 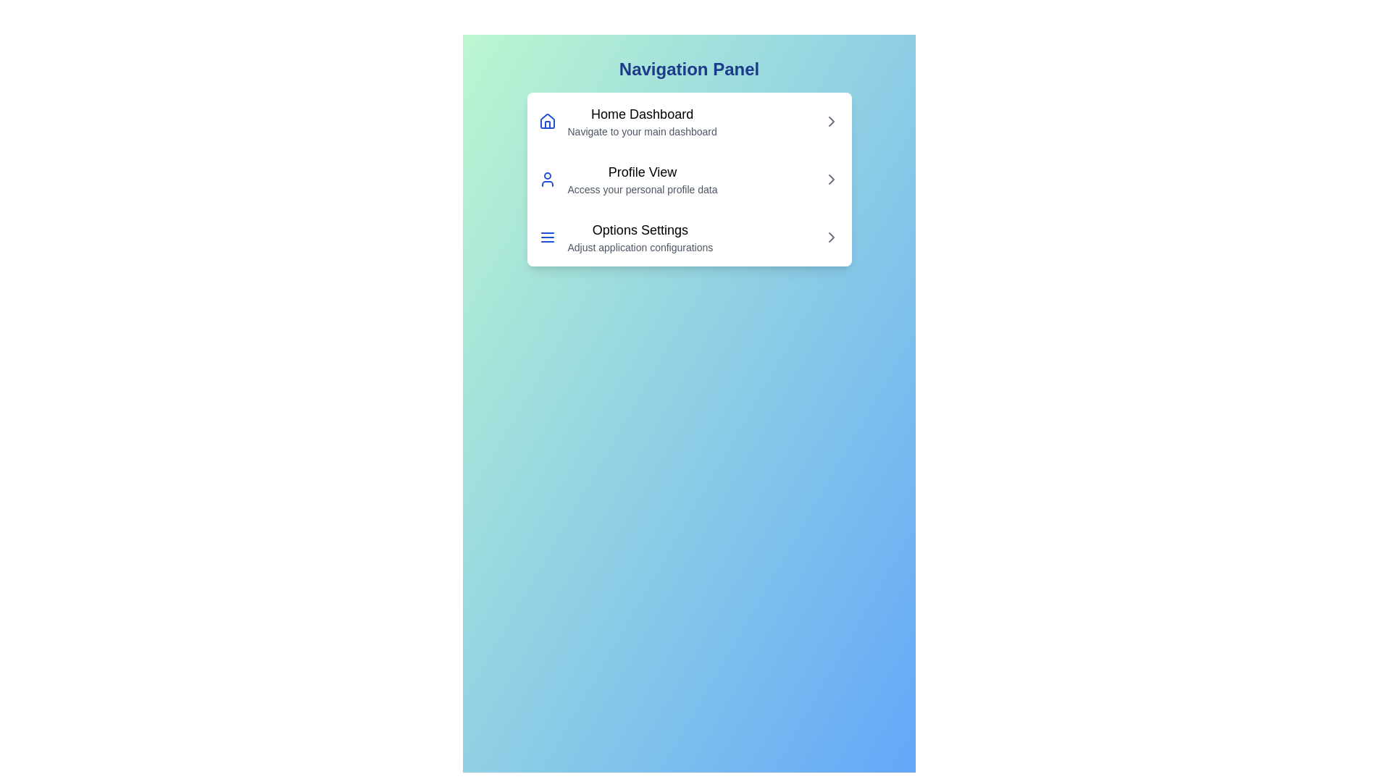 What do you see at coordinates (688, 236) in the screenshot?
I see `the menu item corresponding to Options Settings` at bounding box center [688, 236].